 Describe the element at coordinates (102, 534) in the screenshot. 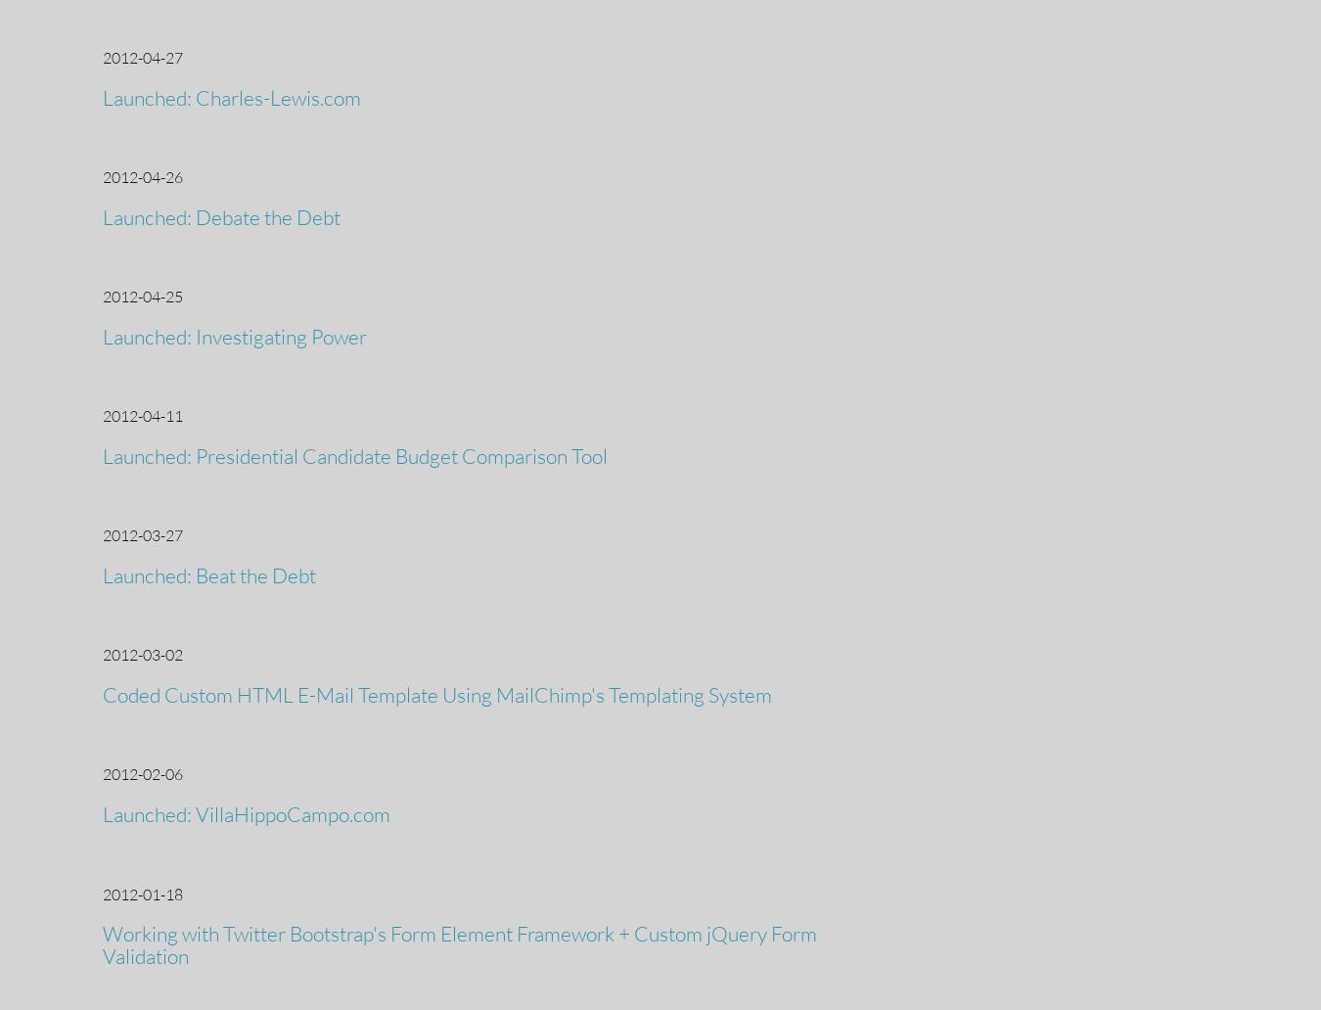

I see `'2012-03-27'` at that location.